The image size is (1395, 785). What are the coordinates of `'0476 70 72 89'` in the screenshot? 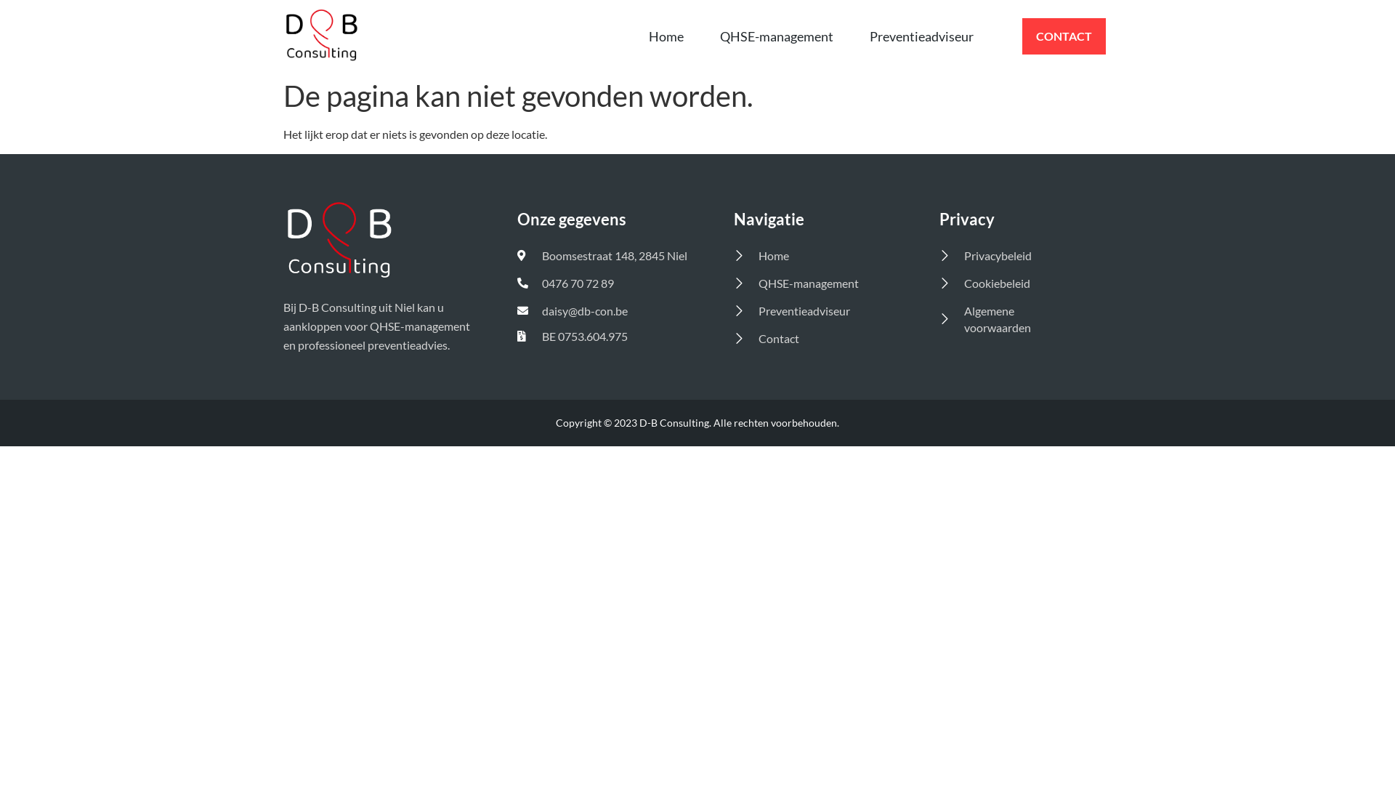 It's located at (517, 283).